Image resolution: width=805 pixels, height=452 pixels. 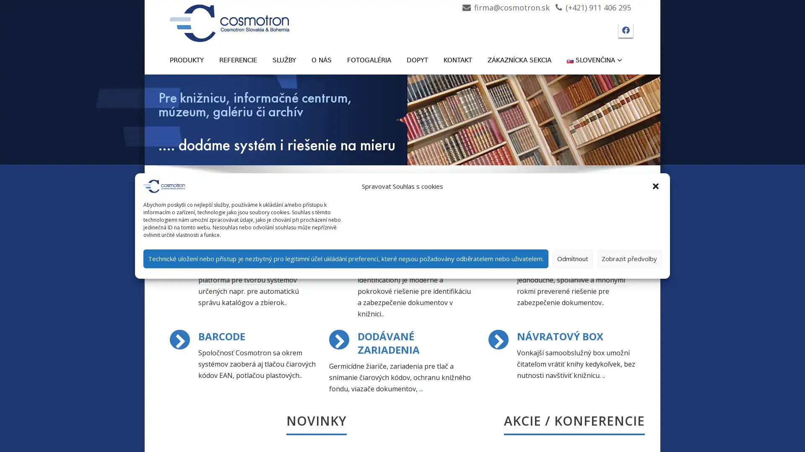 I want to click on Technicke ulozeni nebo pristup je nezbytny pro legitimni ucel ukladani preferenci, ktere nejsou pozadovany odberatelem nebo uzivatelem., so click(x=346, y=258).